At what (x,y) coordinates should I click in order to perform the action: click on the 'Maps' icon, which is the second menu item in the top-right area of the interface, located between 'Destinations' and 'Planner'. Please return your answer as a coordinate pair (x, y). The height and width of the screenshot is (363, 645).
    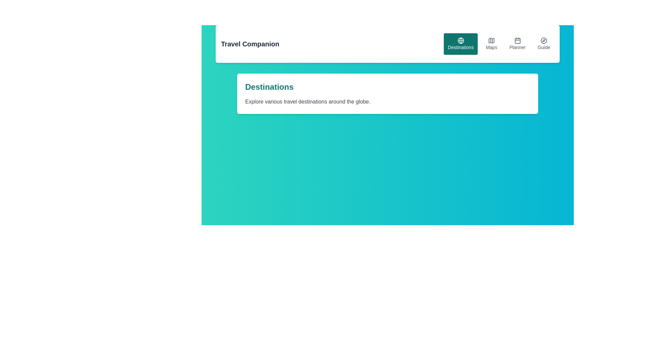
    Looking at the image, I should click on (491, 40).